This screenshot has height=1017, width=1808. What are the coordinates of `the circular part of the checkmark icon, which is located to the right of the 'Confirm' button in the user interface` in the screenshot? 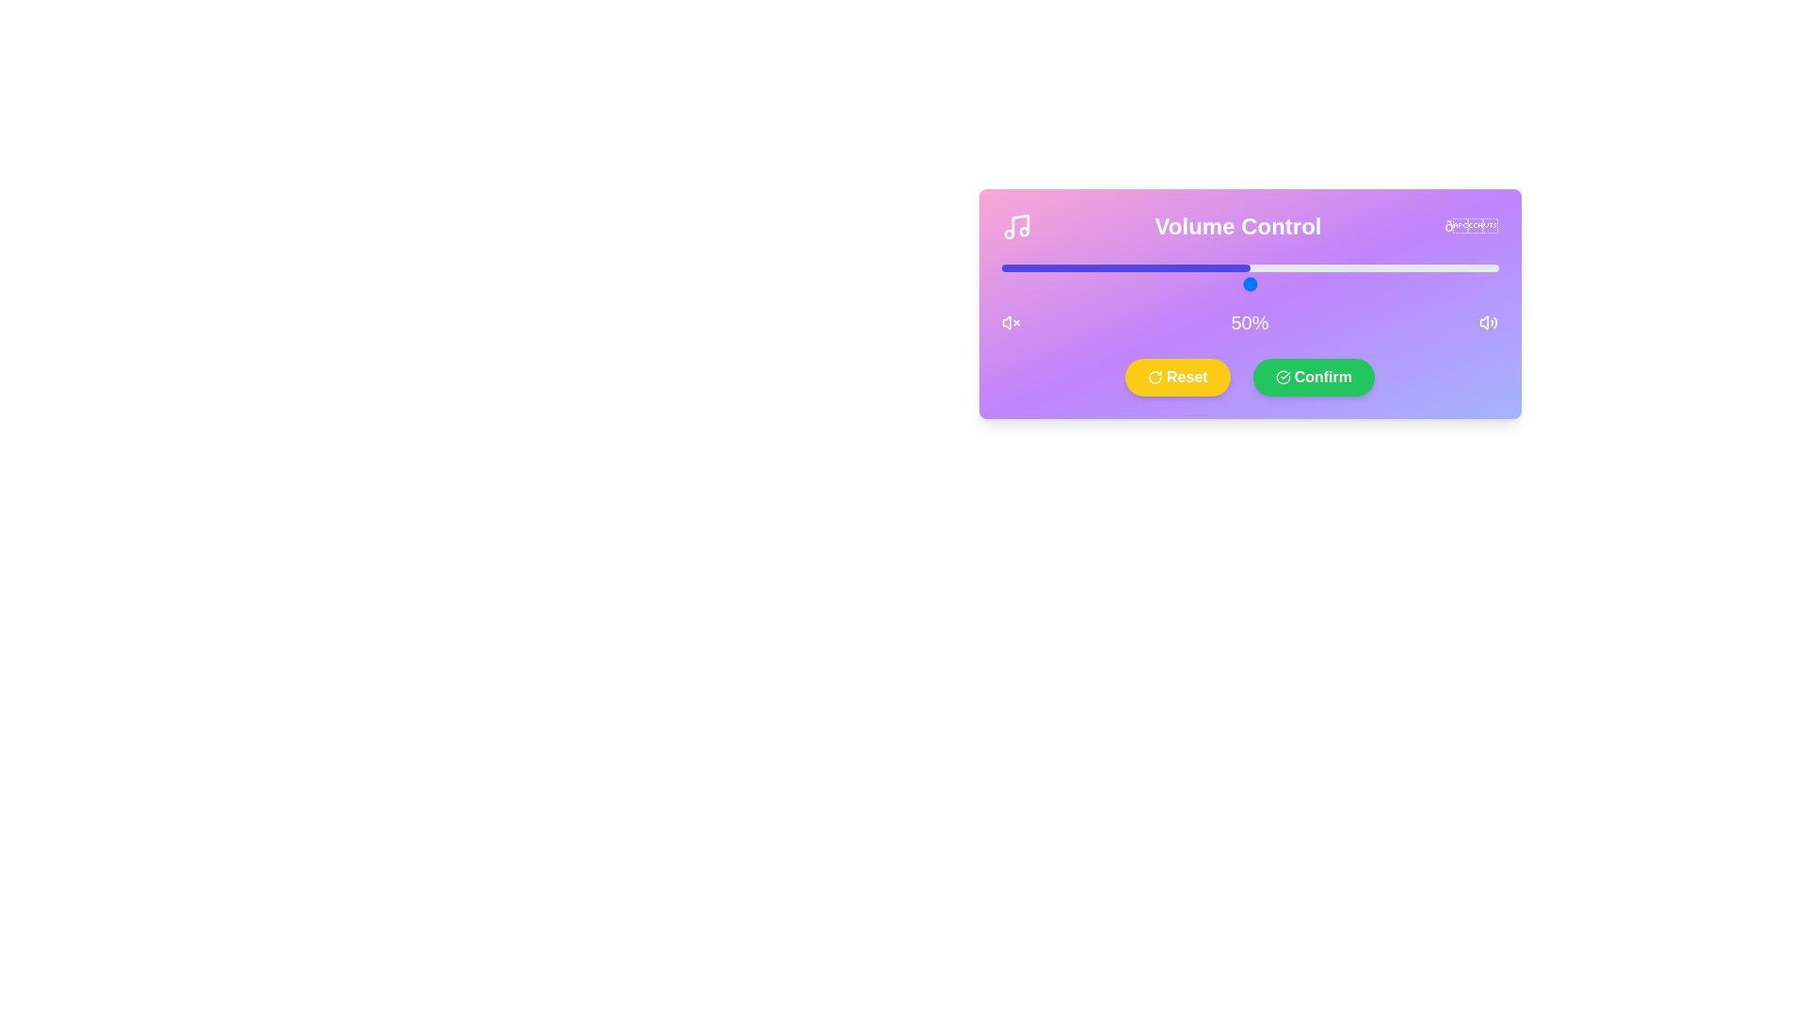 It's located at (1282, 378).